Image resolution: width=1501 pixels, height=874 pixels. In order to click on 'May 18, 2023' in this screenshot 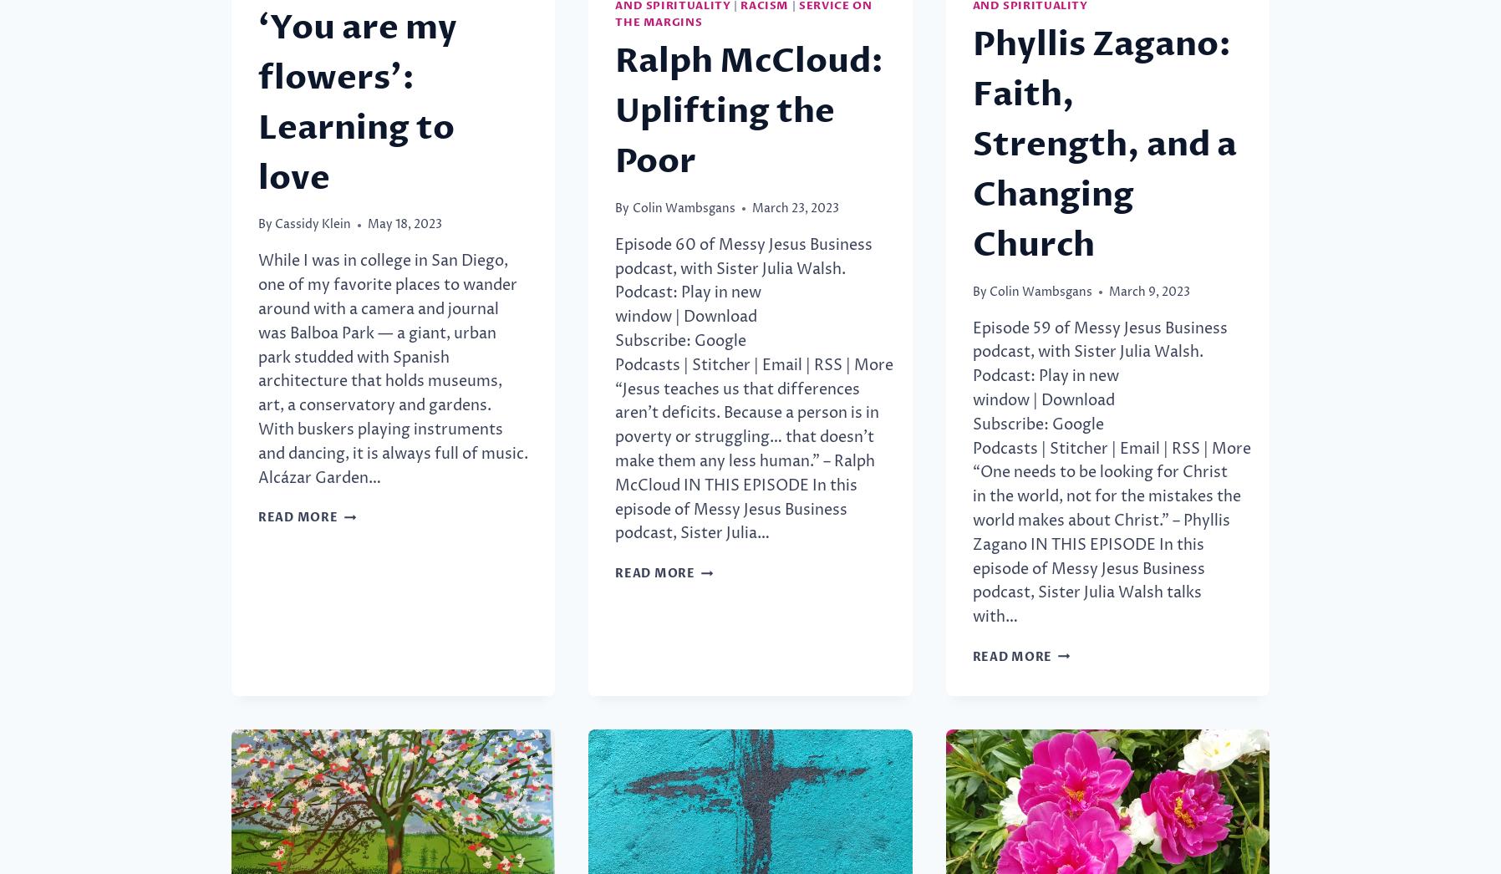, I will do `click(404, 225)`.